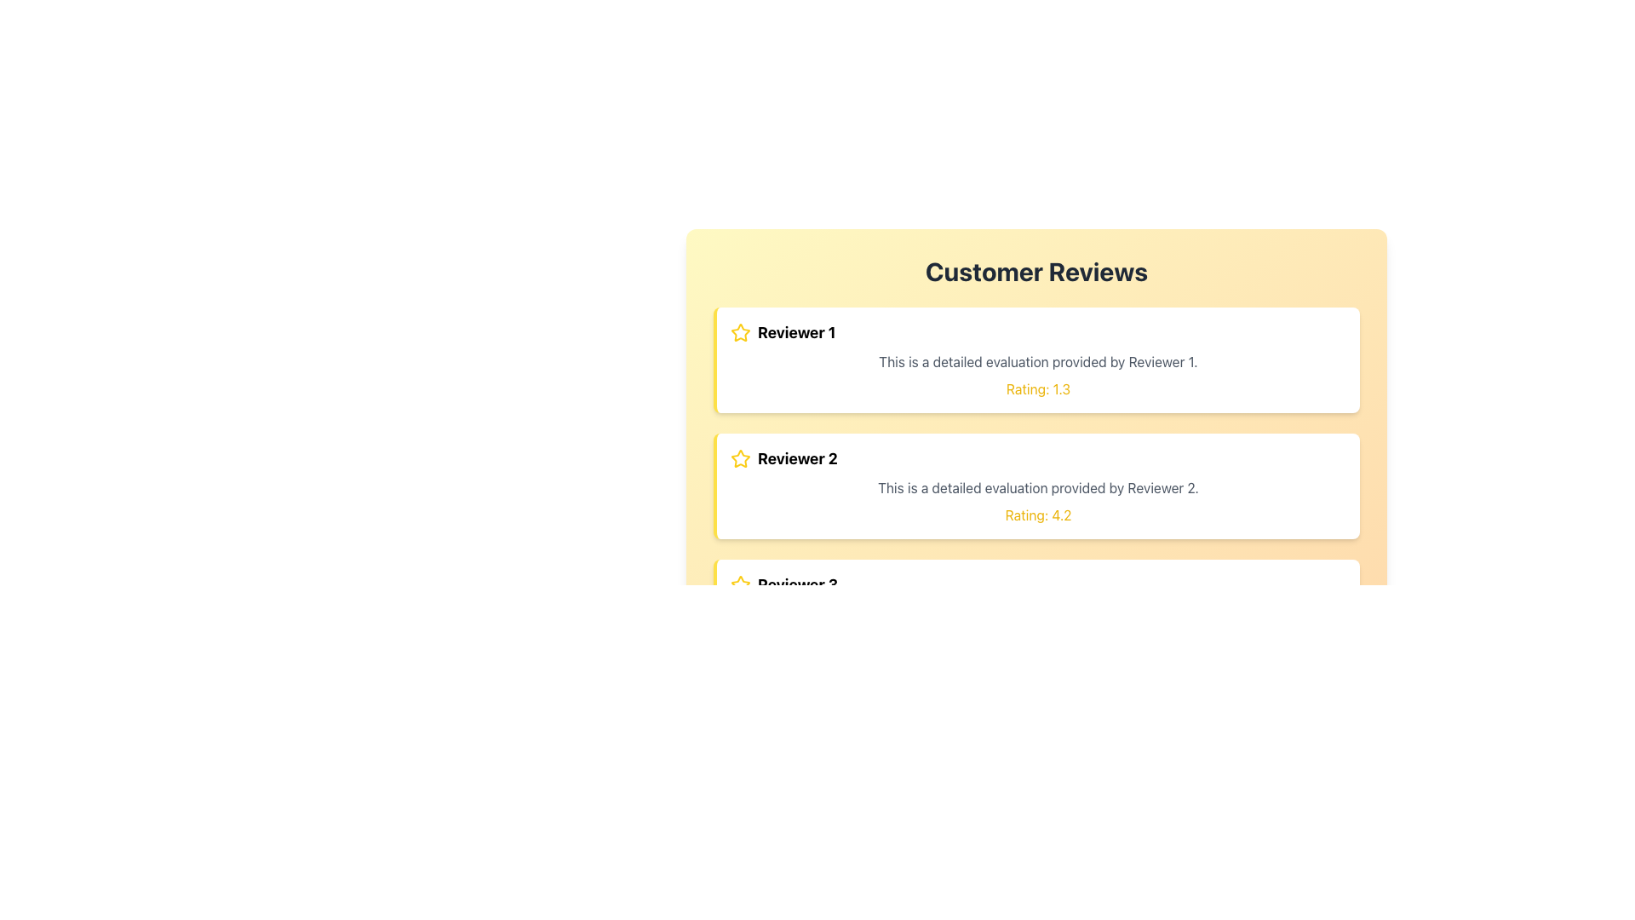  Describe the element at coordinates (1037, 515) in the screenshot. I see `the text label displaying 'Rating: 4.2' in bold yellow font, located in the second review card below the review description` at that location.